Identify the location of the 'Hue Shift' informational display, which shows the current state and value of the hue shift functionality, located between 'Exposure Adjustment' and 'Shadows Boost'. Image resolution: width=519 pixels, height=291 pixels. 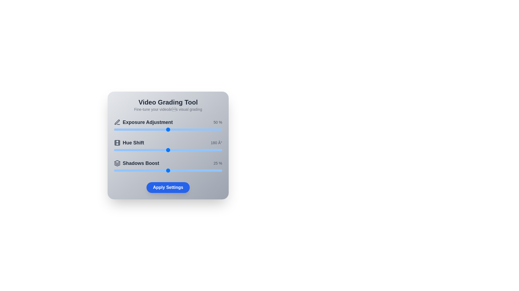
(168, 142).